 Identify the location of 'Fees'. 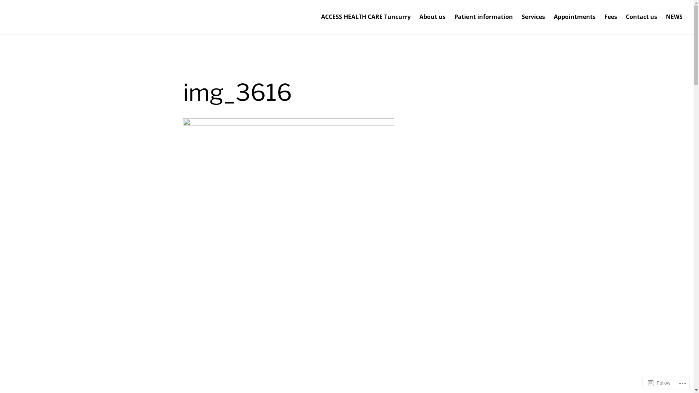
(604, 16).